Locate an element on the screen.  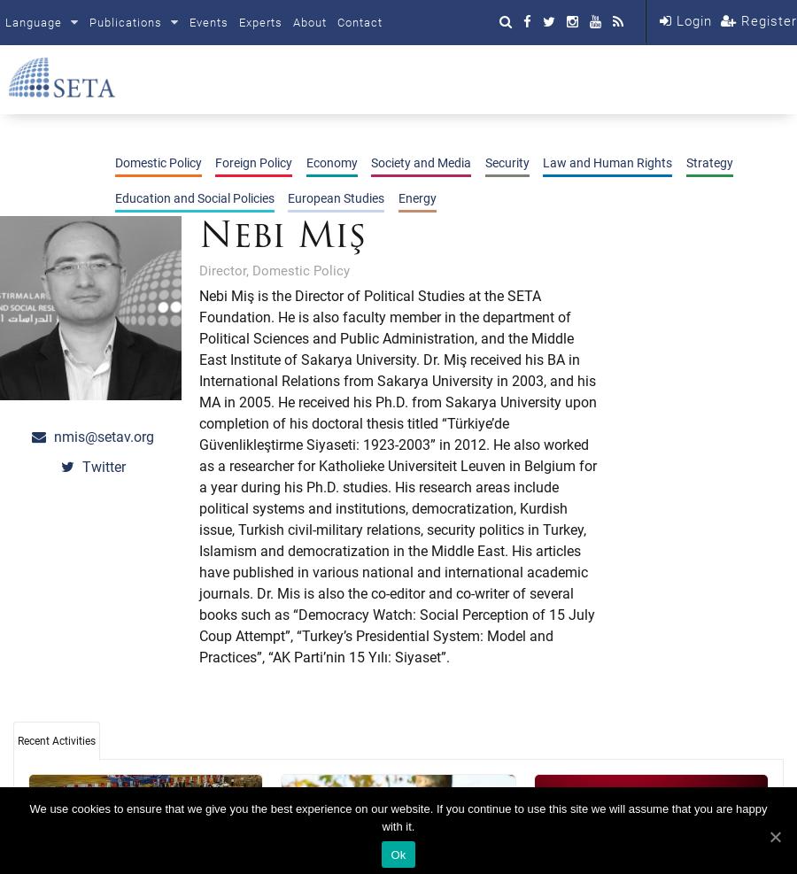
'Security' is located at coordinates (507, 161).